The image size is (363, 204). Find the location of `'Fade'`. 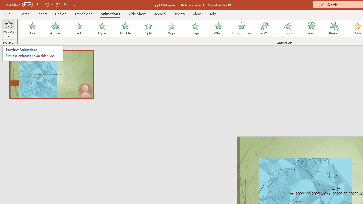

'Fade' is located at coordinates (78, 28).